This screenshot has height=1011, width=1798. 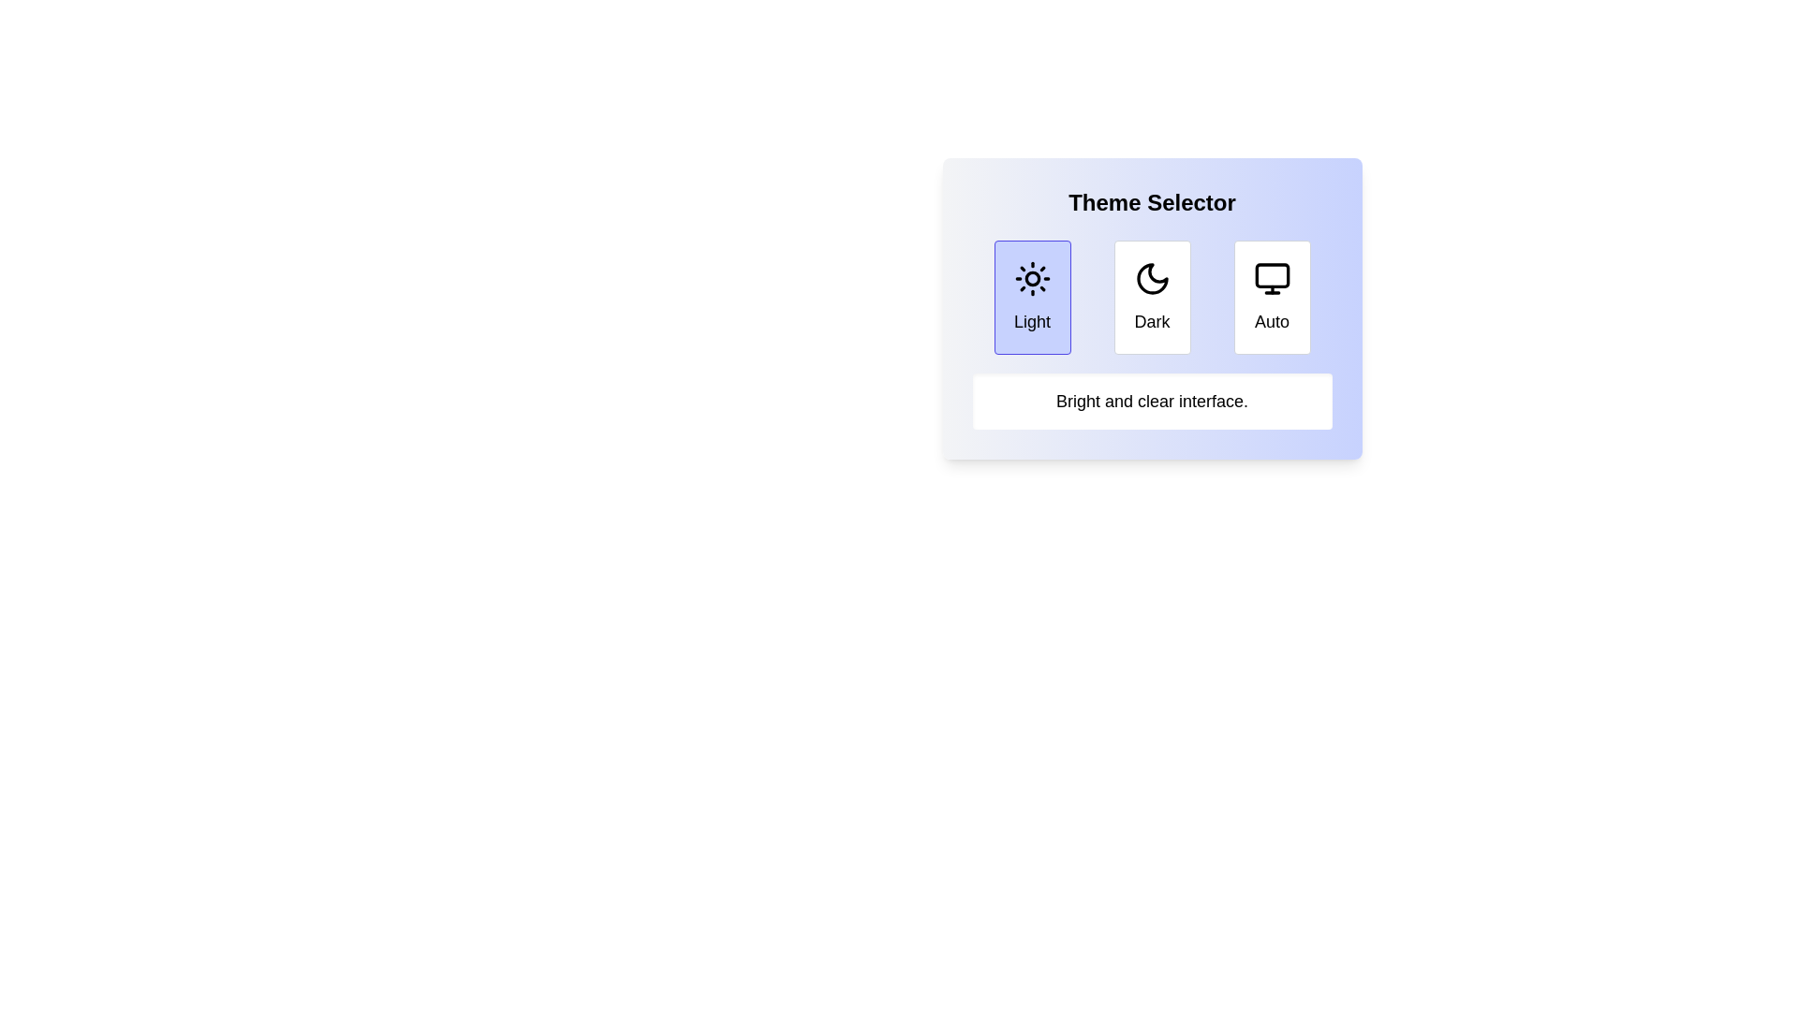 What do you see at coordinates (1151, 296) in the screenshot?
I see `the theme by clicking on the corresponding button. Use the parameter Dark to specify the theme to select` at bounding box center [1151, 296].